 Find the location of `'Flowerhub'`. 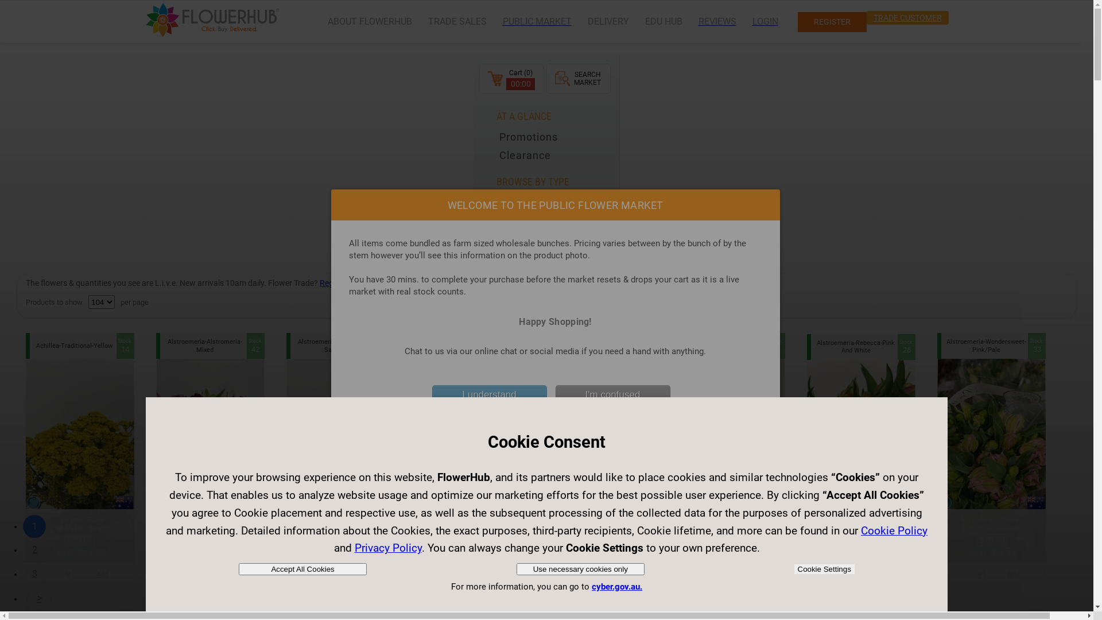

'Flowerhub' is located at coordinates (211, 20).